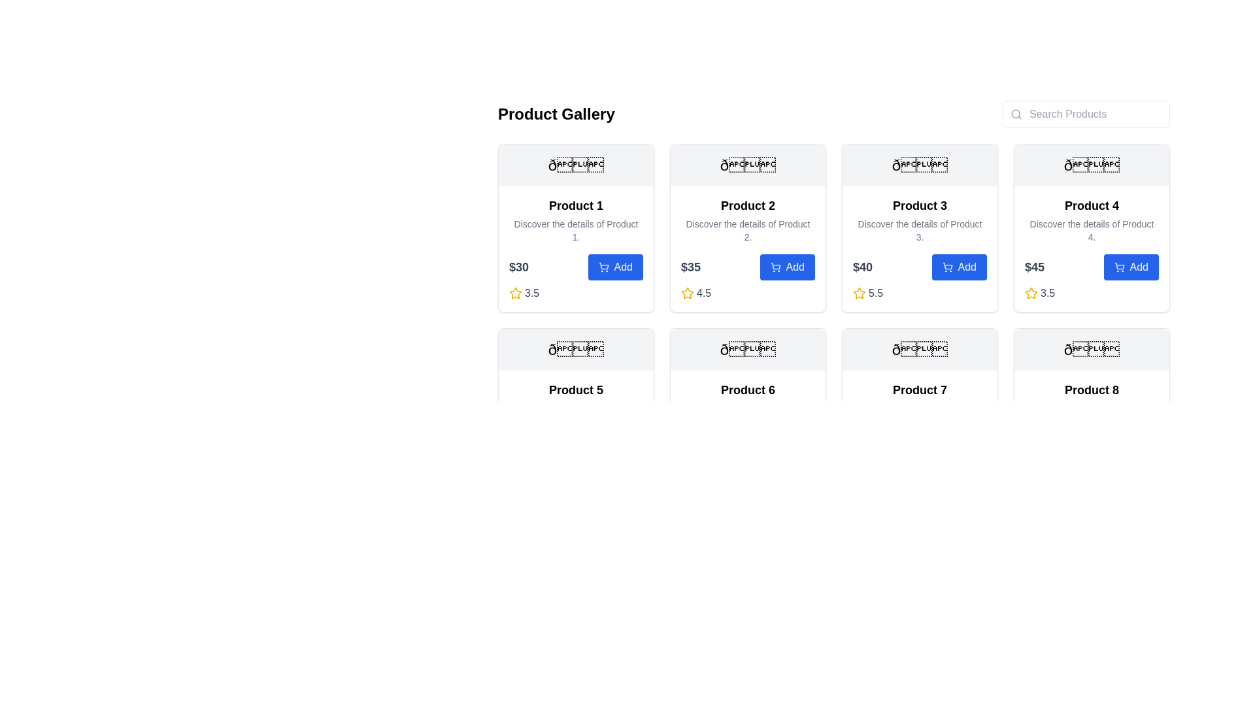 Image resolution: width=1255 pixels, height=706 pixels. Describe the element at coordinates (748, 227) in the screenshot. I see `text for product details from the card located in the first row and second column of the product gallery, positioned between 'Product 1' and 'Product 3'` at that location.